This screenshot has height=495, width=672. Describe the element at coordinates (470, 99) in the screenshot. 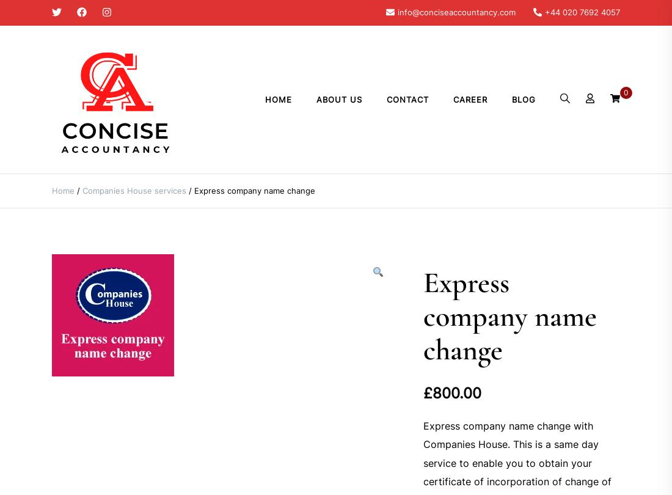

I see `'Career'` at that location.